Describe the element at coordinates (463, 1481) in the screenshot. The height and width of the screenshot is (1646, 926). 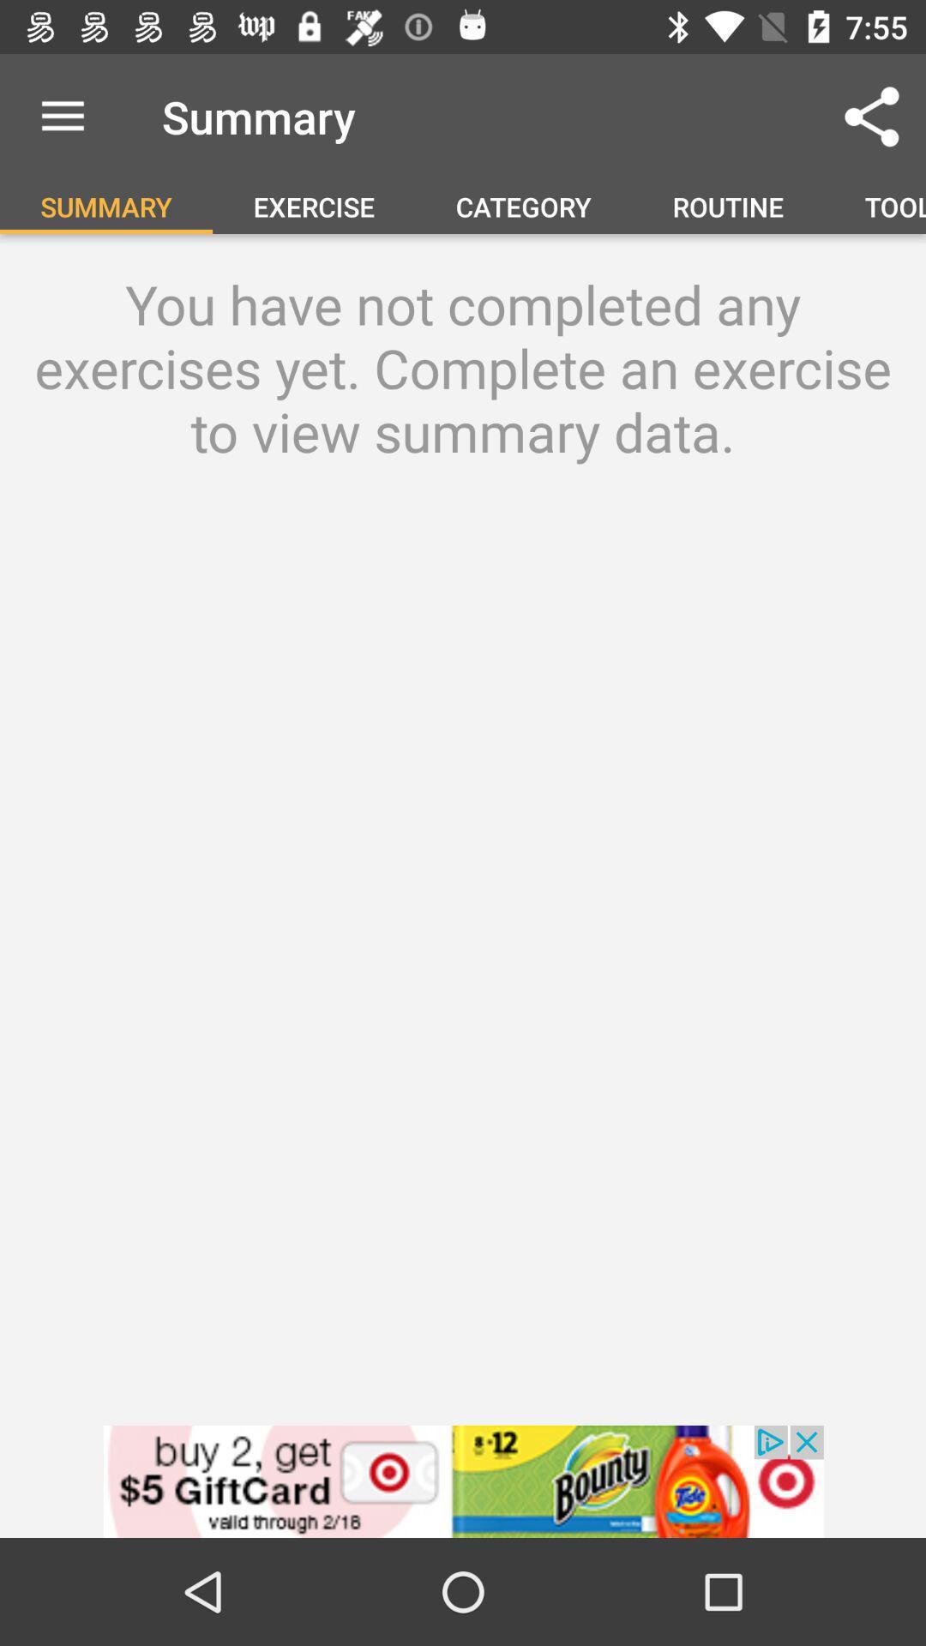
I see `open advertisement` at that location.